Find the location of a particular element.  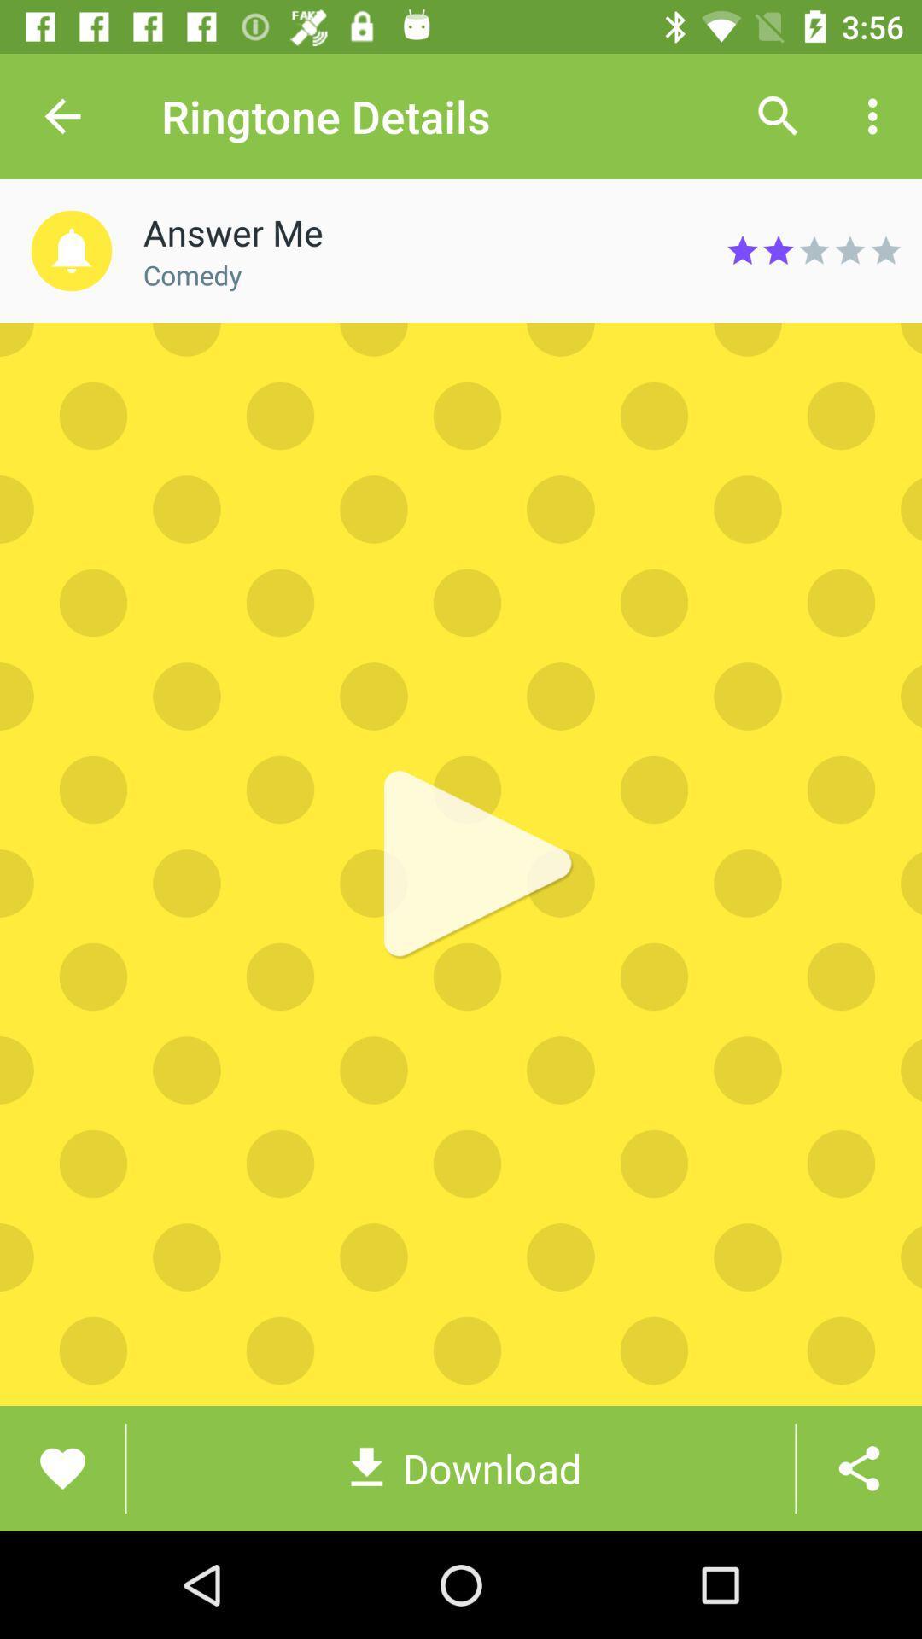

the favorite icon is located at coordinates (61, 1467).